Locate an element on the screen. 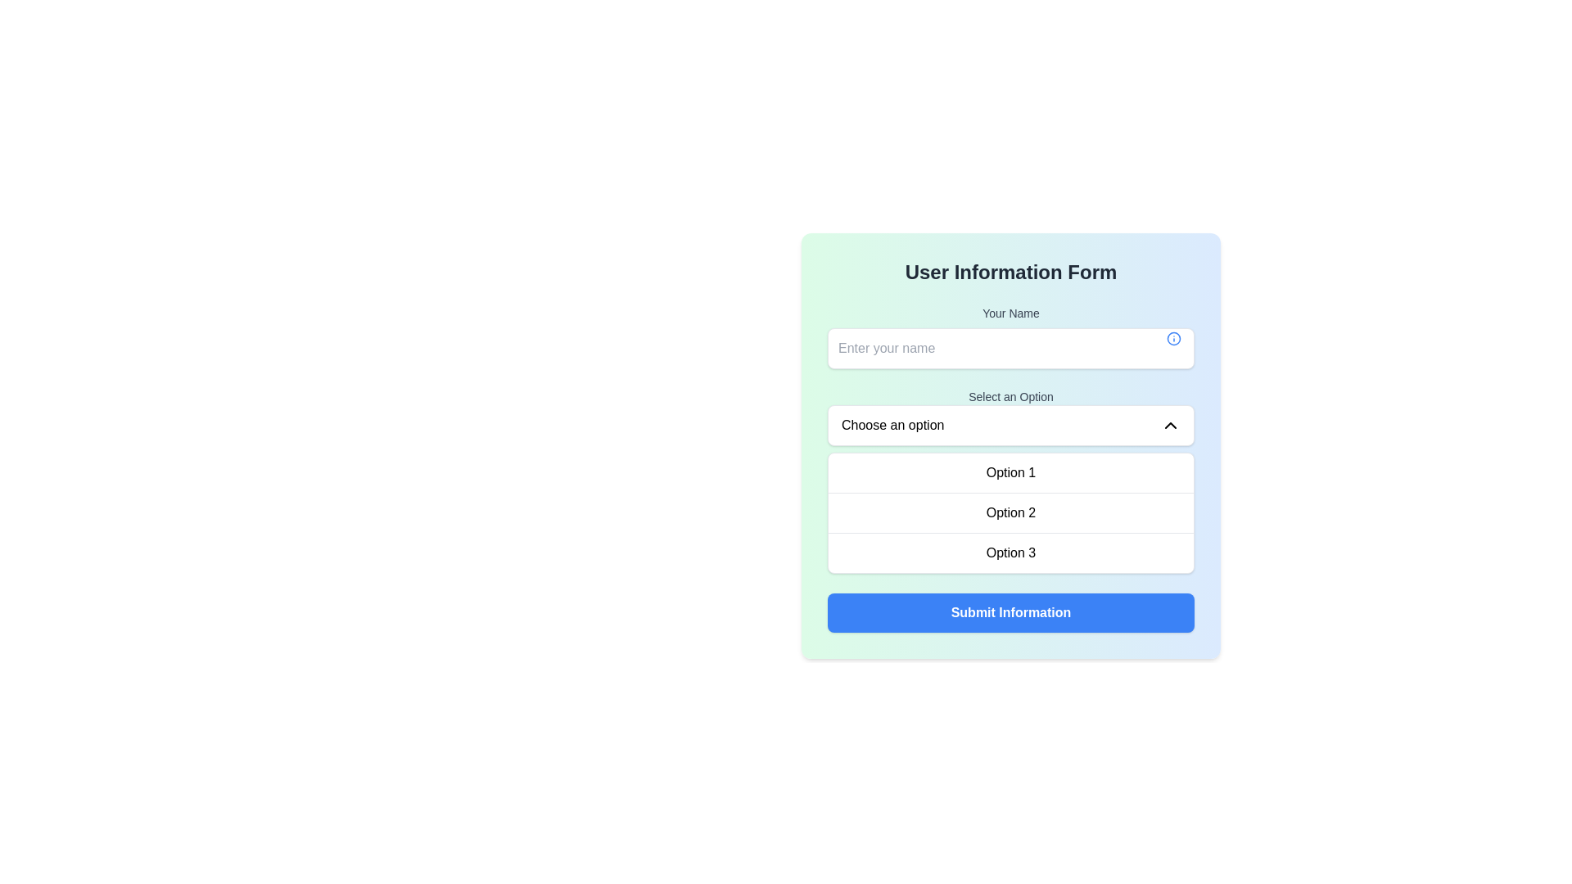 Image resolution: width=1572 pixels, height=884 pixels. the List Item labeled 'Option 2' by performing a left click on it is located at coordinates (1010, 511).